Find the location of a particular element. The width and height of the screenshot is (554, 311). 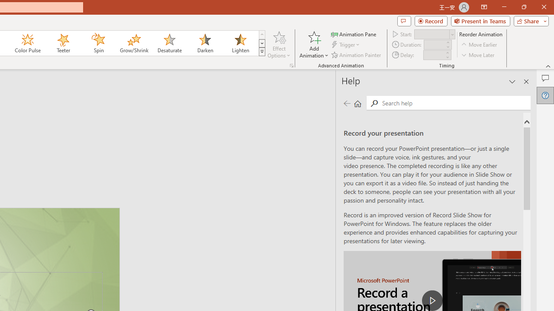

'Effect Options' is located at coordinates (279, 44).